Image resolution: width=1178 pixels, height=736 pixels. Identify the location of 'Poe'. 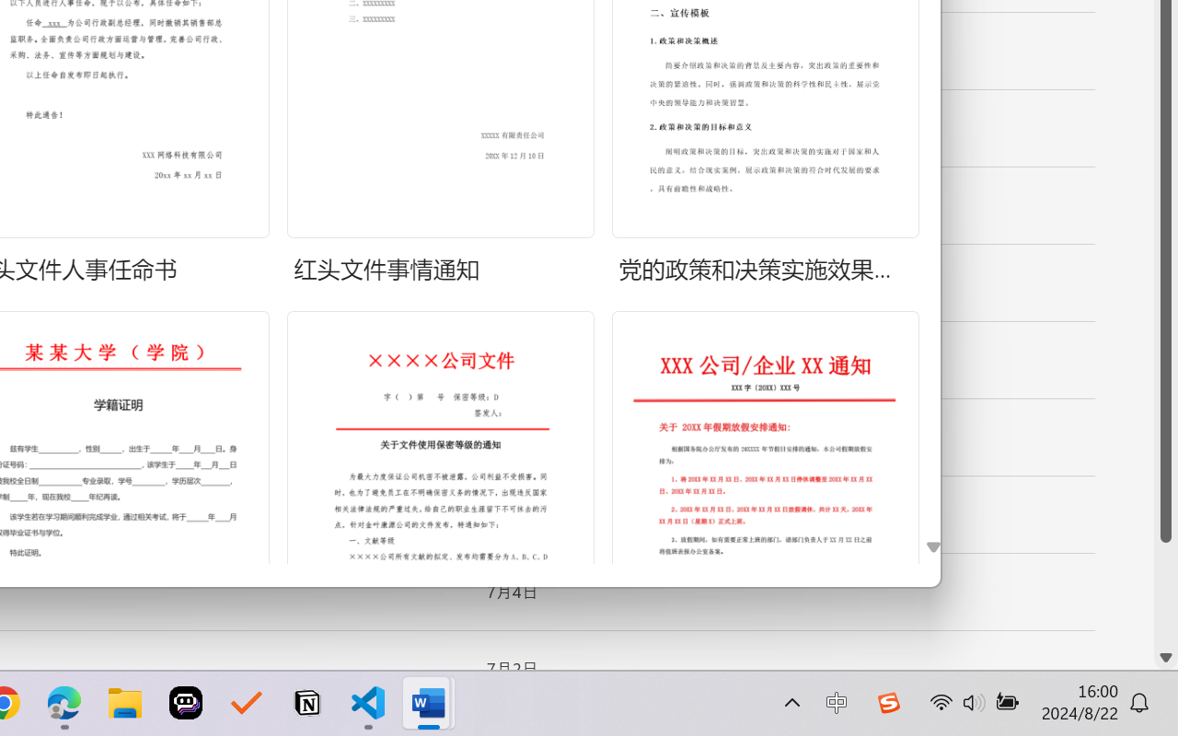
(186, 703).